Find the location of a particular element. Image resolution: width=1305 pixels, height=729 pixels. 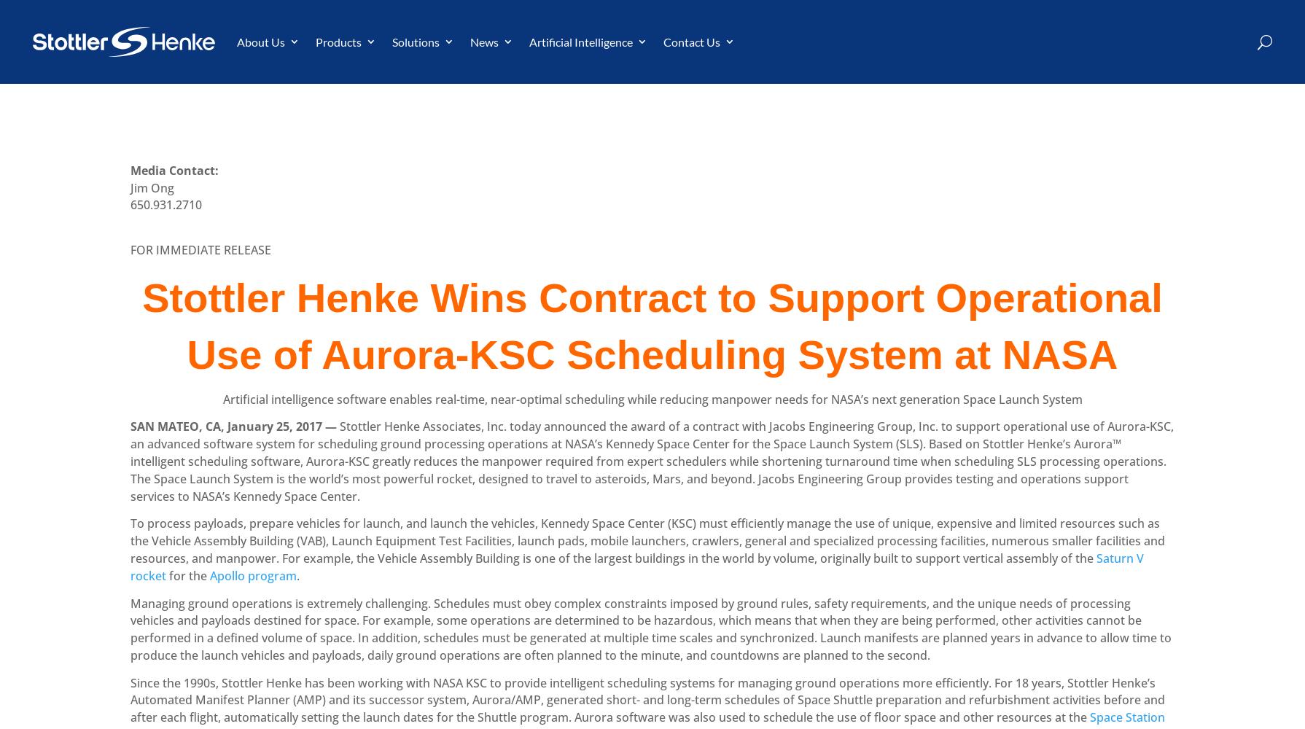

'Apollo program' is located at coordinates (253, 575).